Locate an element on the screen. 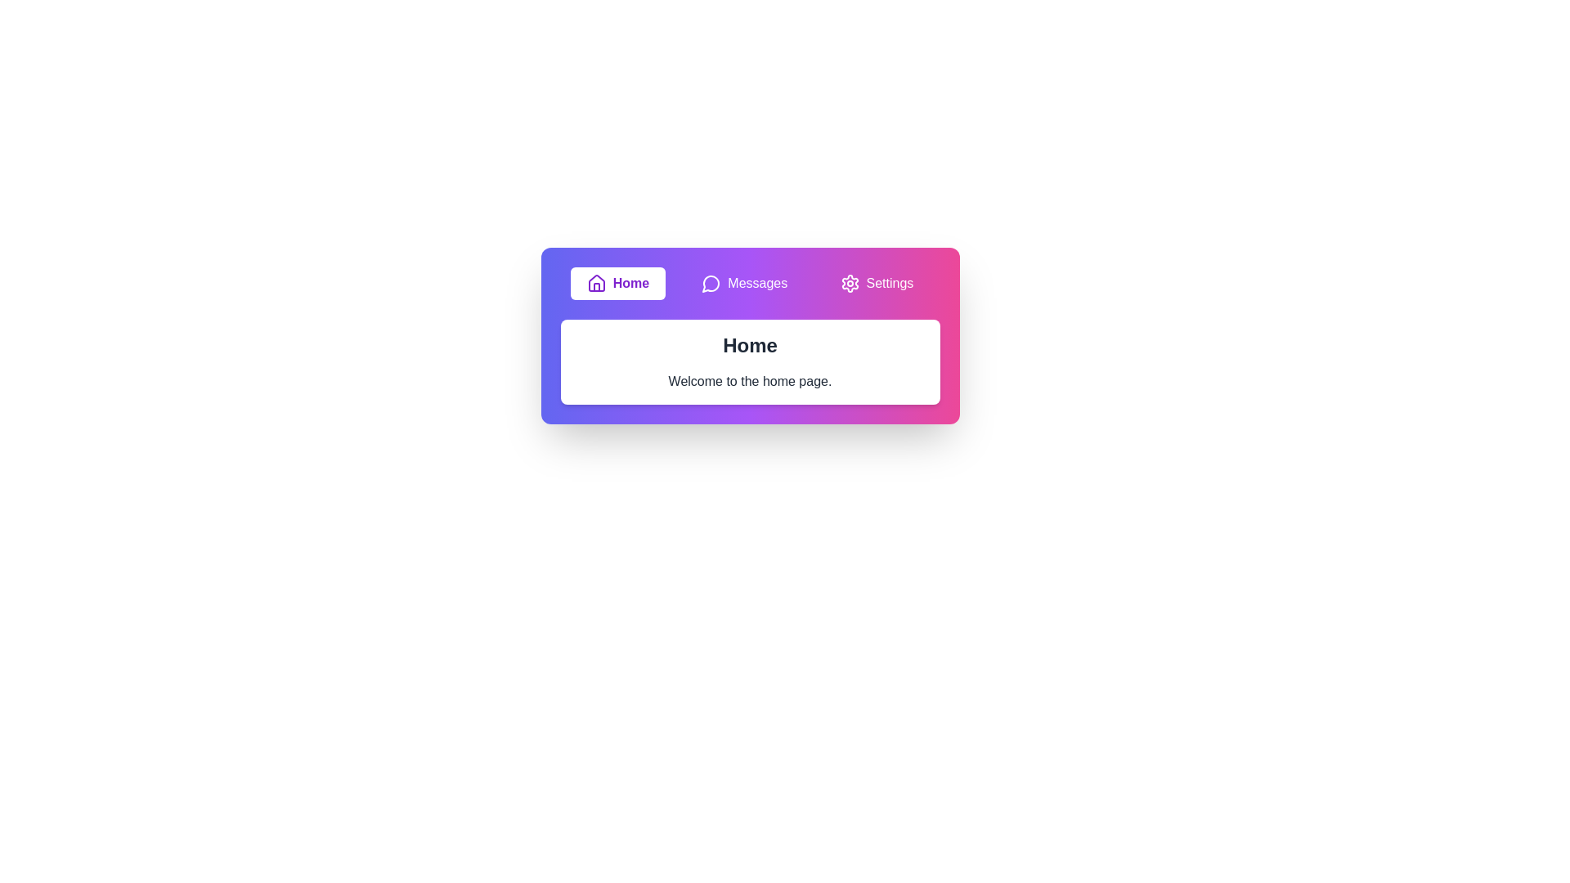  the title text block that serves as a heading for the content below, positioned above the smaller text 'Welcome to the home page.' is located at coordinates (749, 345).